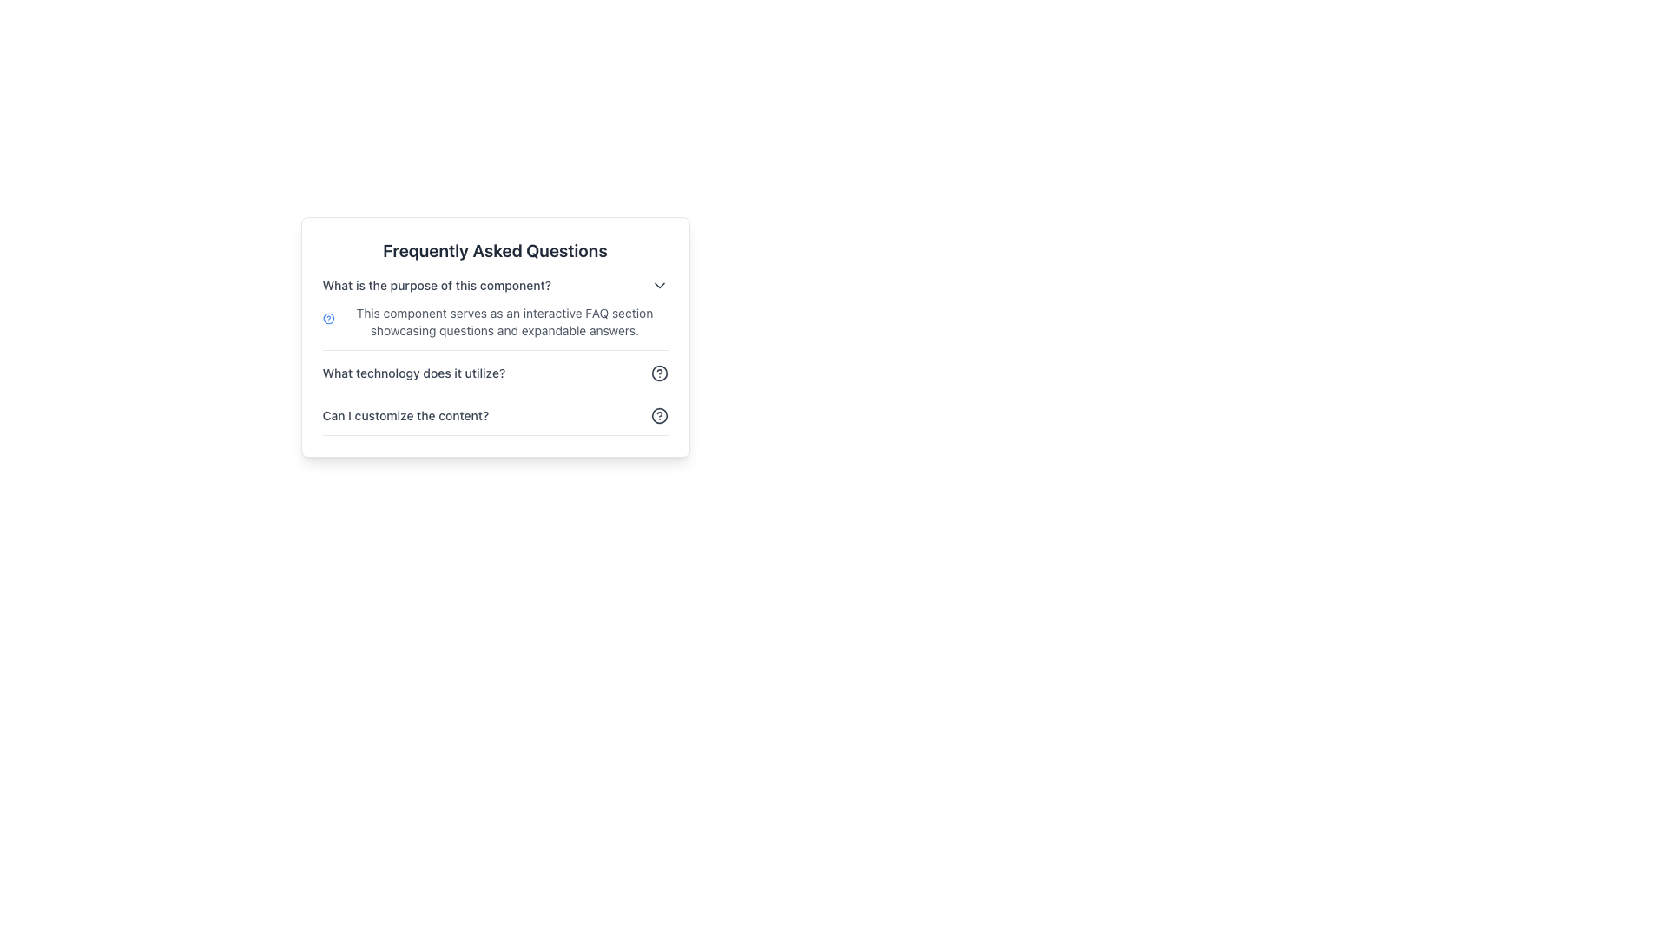  I want to click on the central circular graphical SVG element within the FAQ section, which is adjacent to the question 'What technology does it utilize?', so click(658, 372).